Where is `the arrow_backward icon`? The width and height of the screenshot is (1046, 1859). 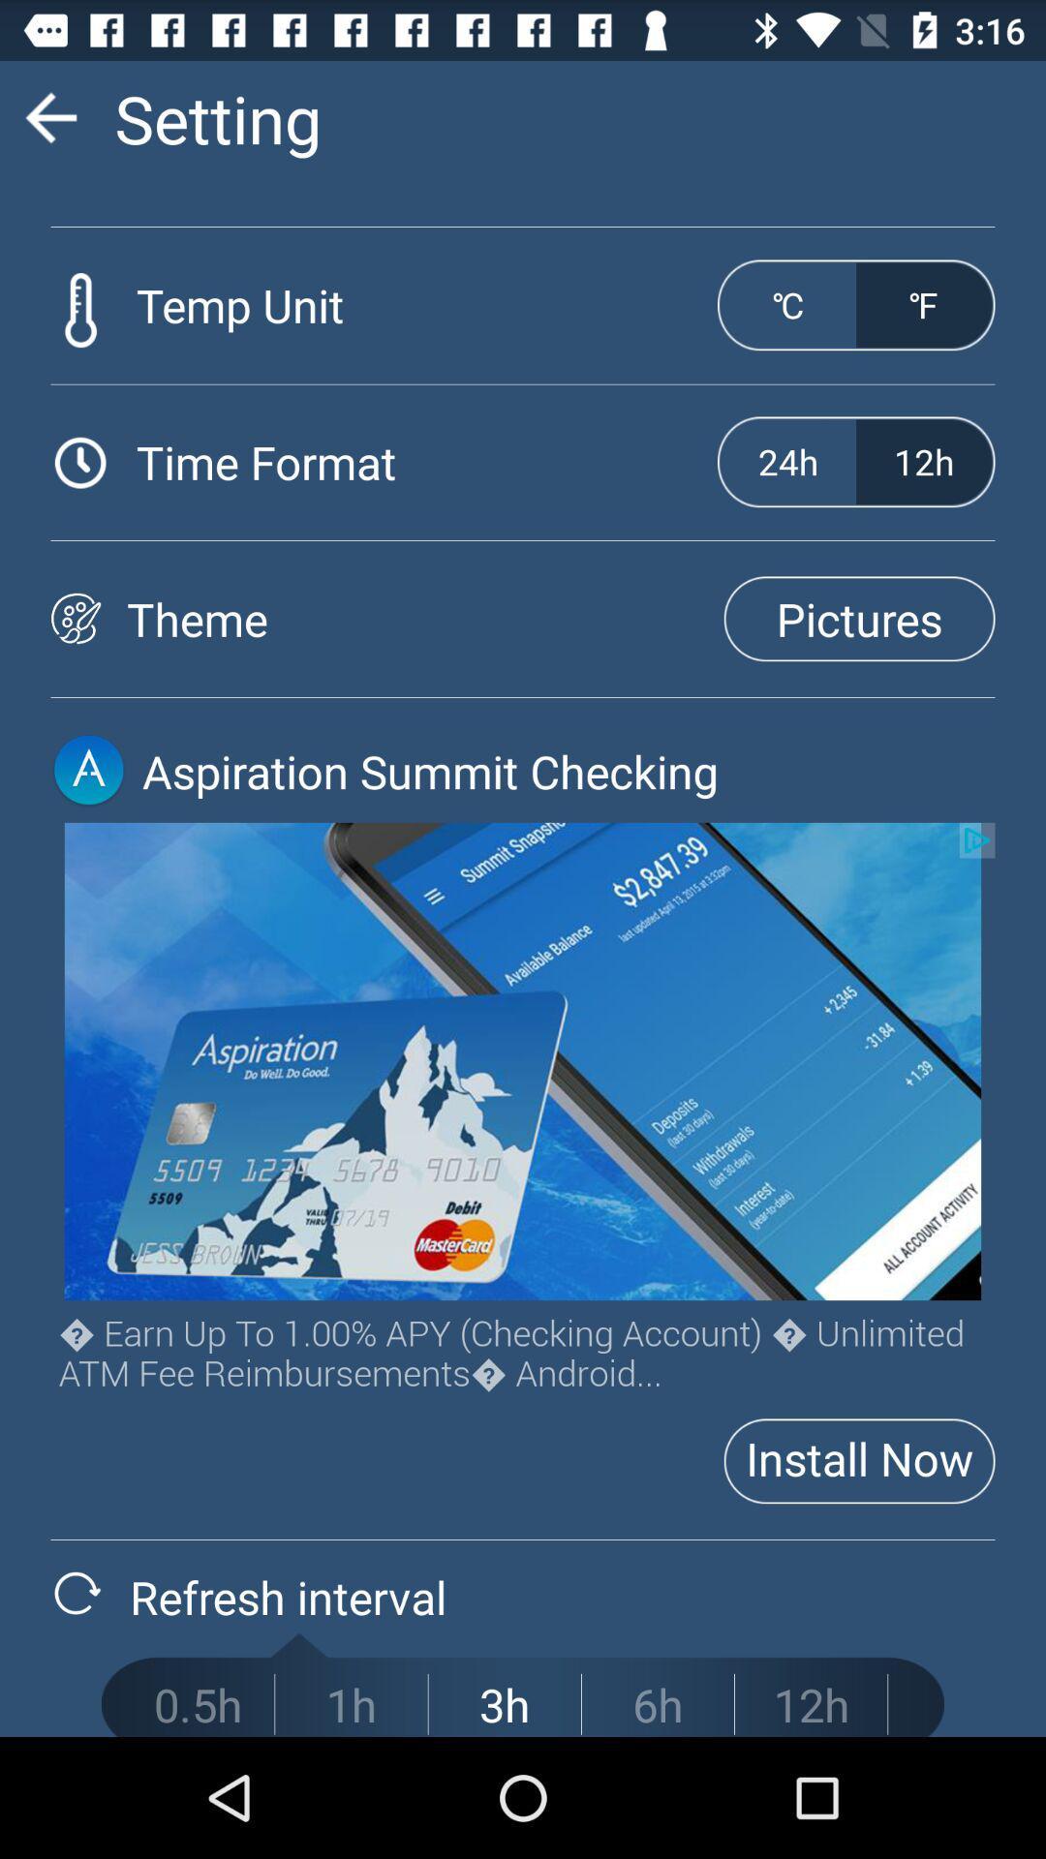 the arrow_backward icon is located at coordinates (49, 125).